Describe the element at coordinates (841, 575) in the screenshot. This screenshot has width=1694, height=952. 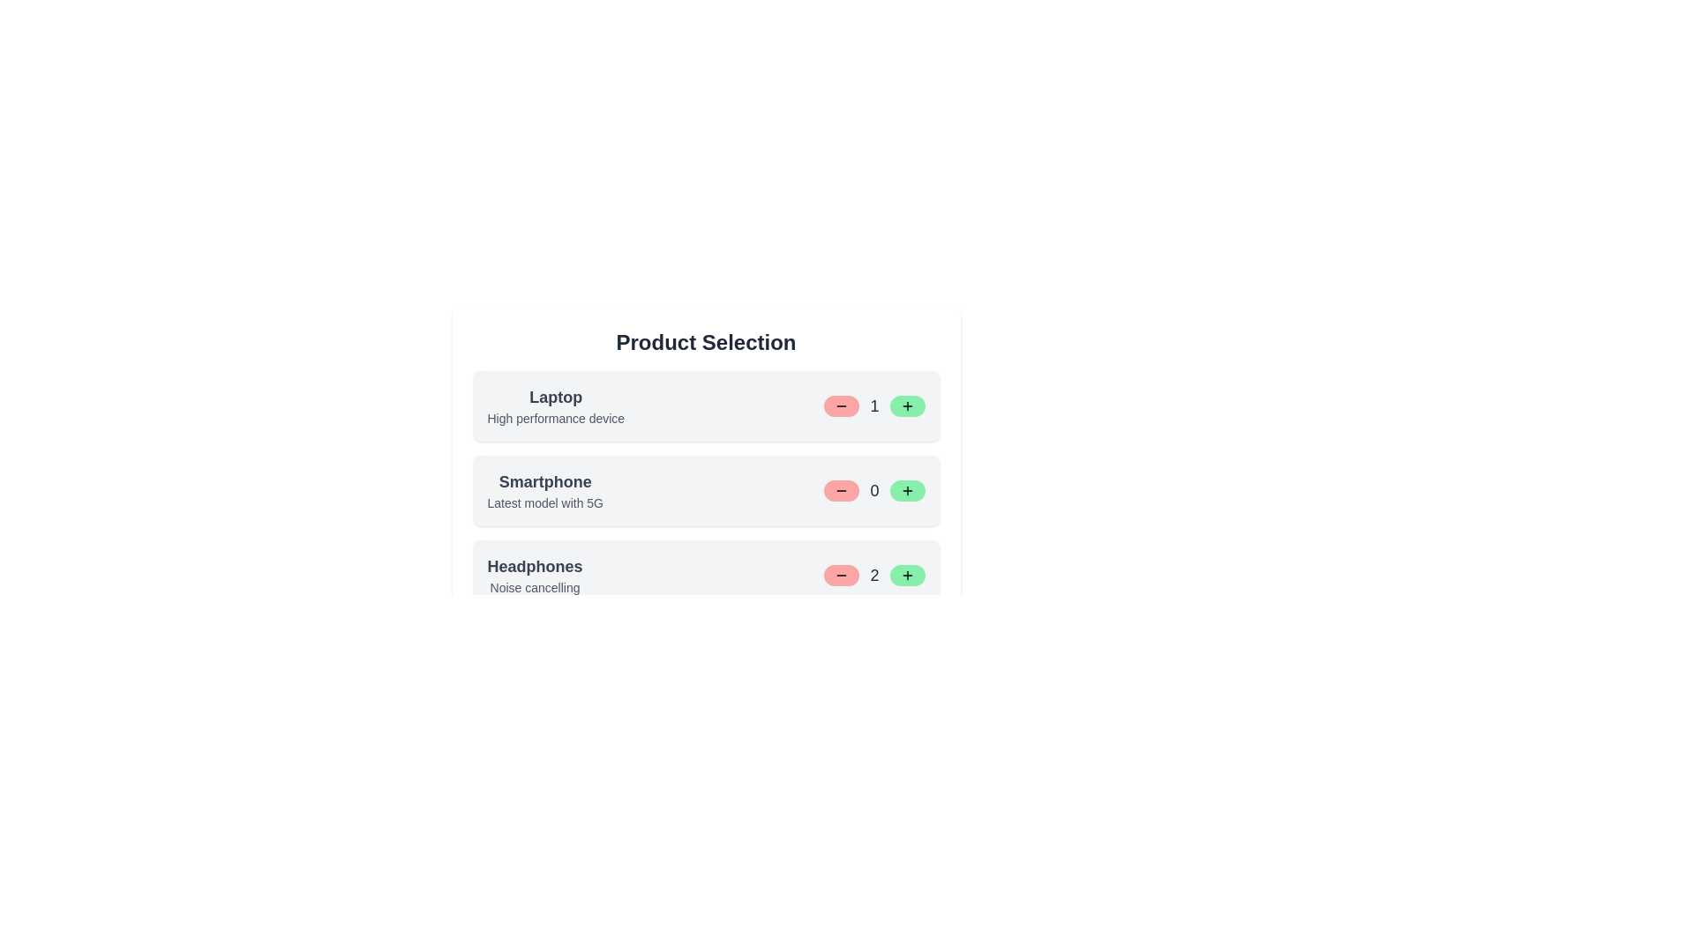
I see `minus button for the product identified by Headphones` at that location.